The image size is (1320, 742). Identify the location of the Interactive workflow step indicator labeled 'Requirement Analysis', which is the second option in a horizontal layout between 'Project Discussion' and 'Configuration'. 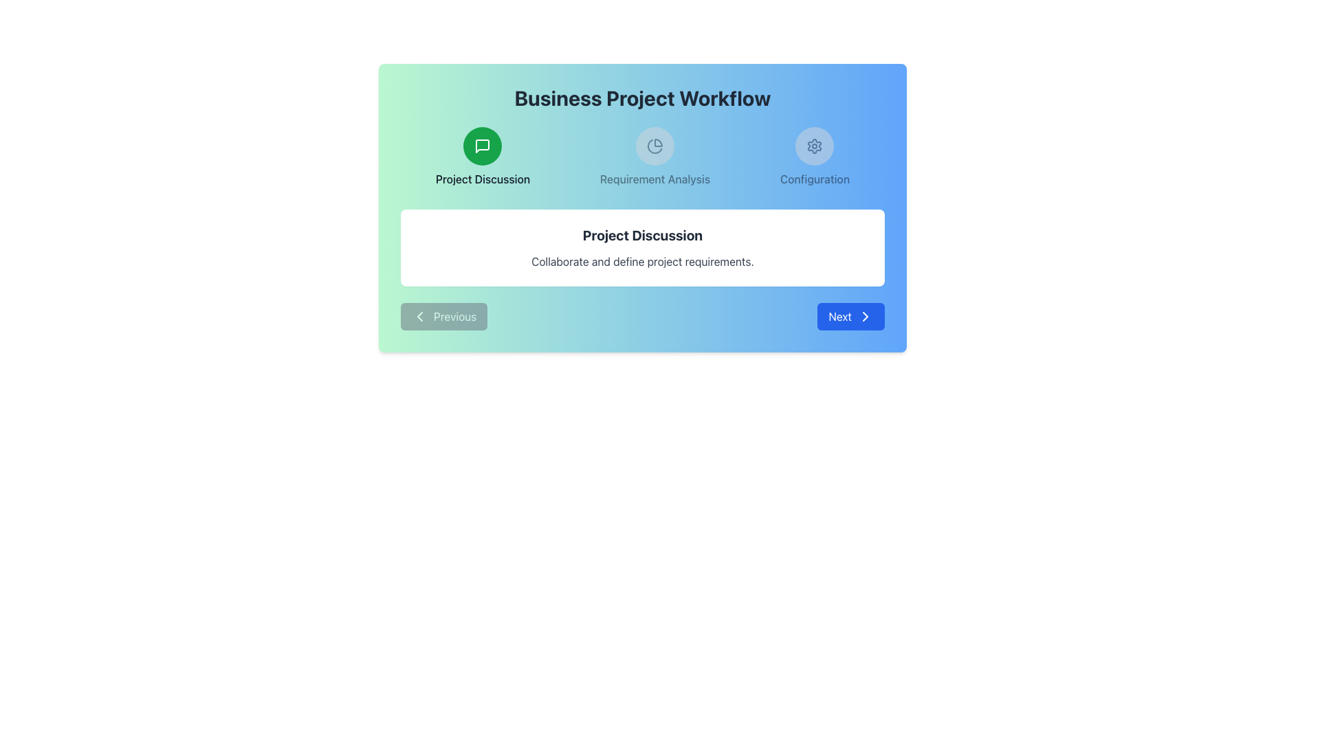
(654, 156).